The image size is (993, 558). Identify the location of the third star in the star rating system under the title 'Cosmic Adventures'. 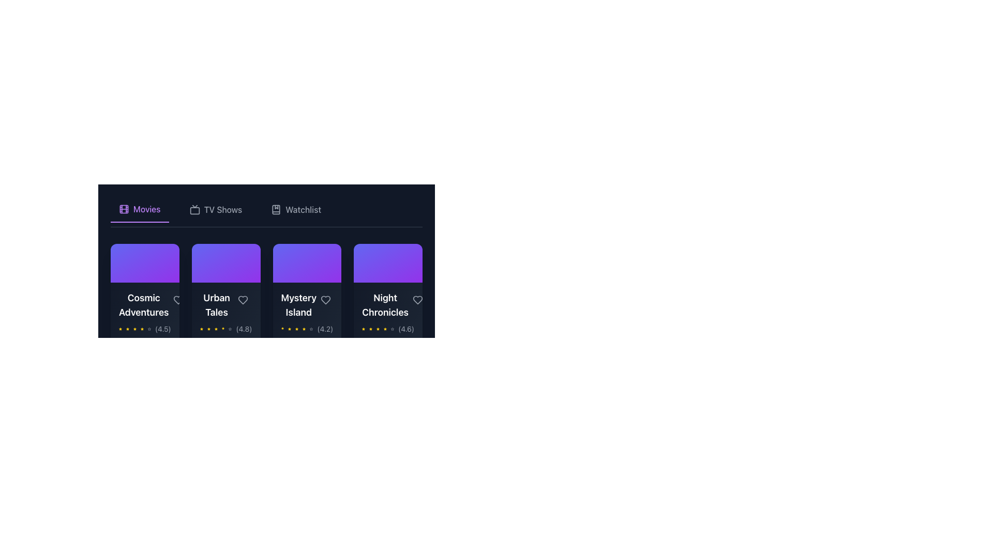
(134, 329).